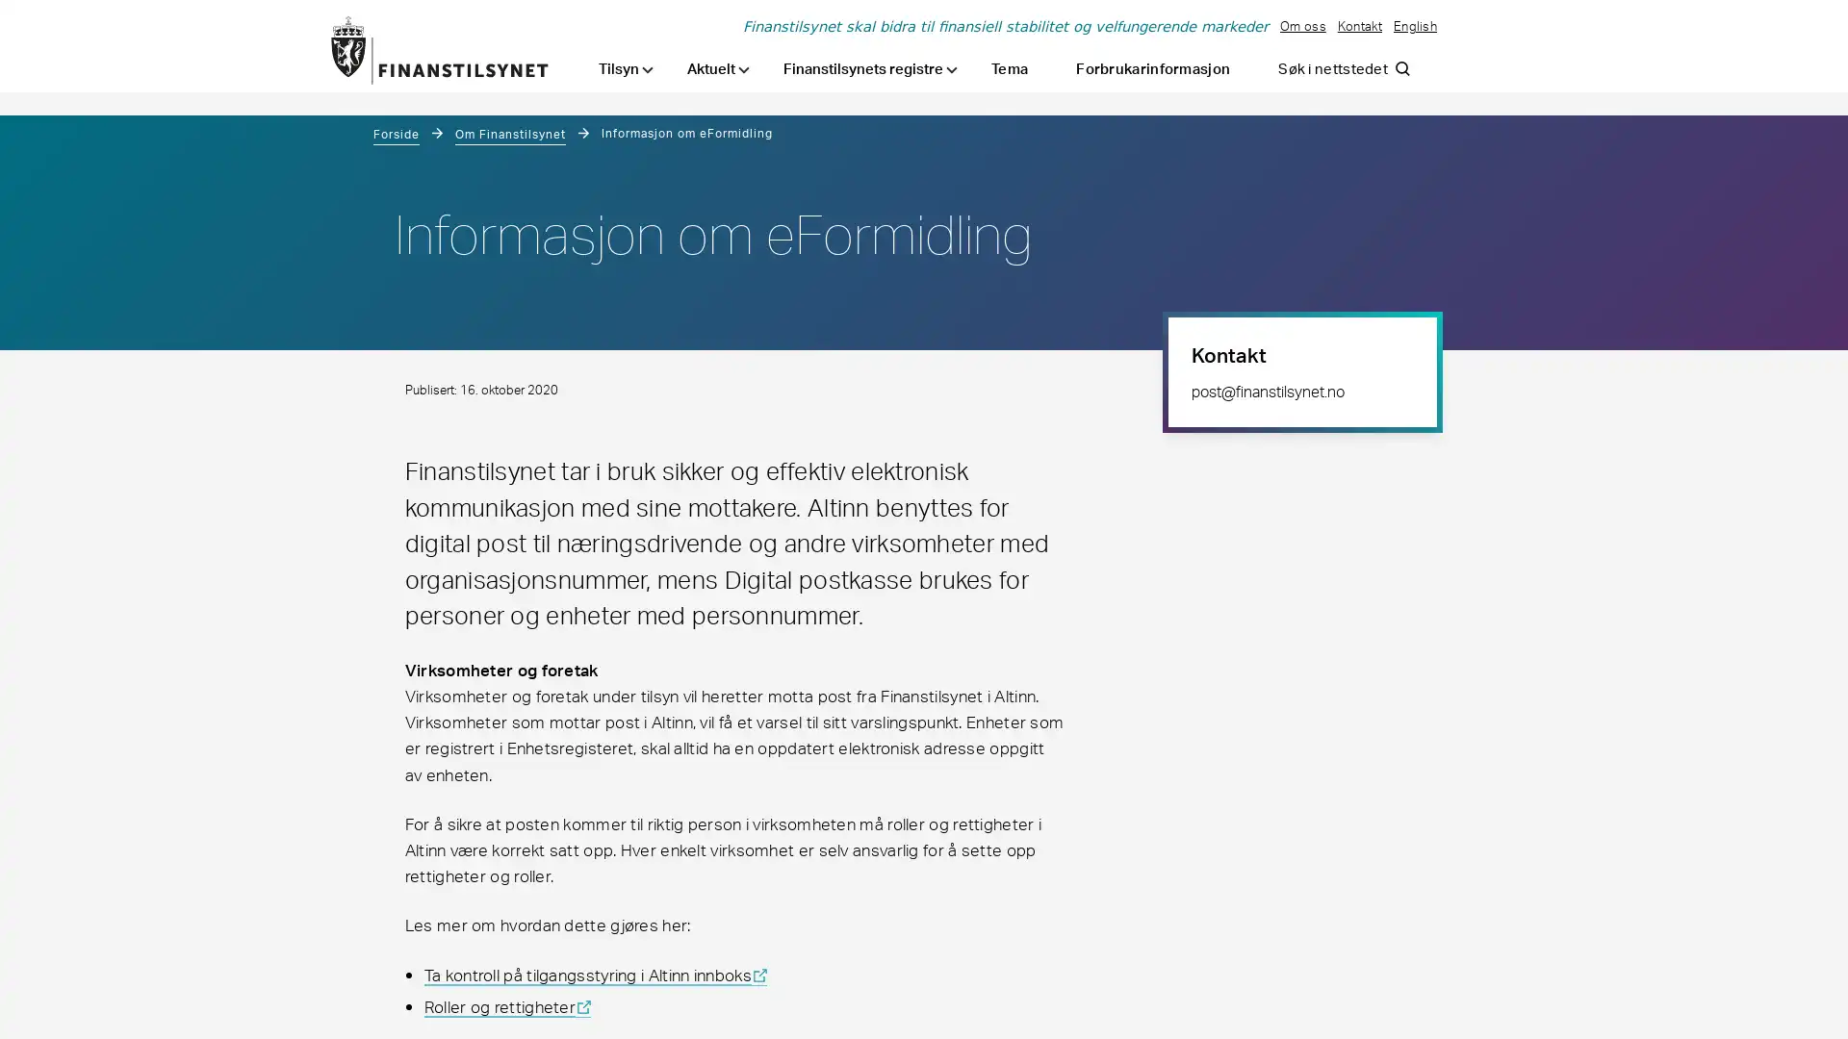 The image size is (1848, 1039). I want to click on Tilsyn Tilsyn, so click(626, 68).